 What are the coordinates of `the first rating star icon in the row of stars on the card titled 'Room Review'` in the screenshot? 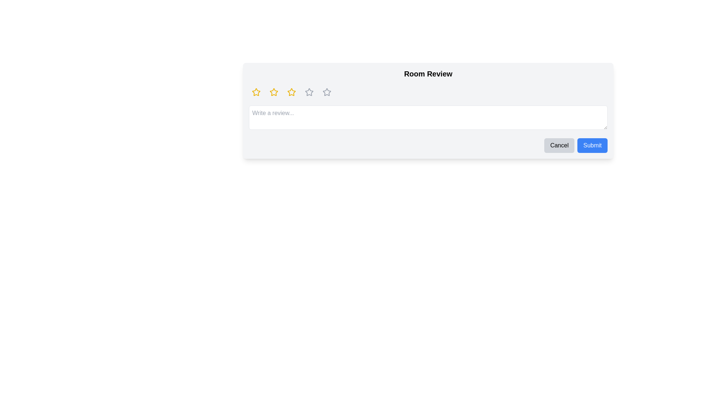 It's located at (256, 92).